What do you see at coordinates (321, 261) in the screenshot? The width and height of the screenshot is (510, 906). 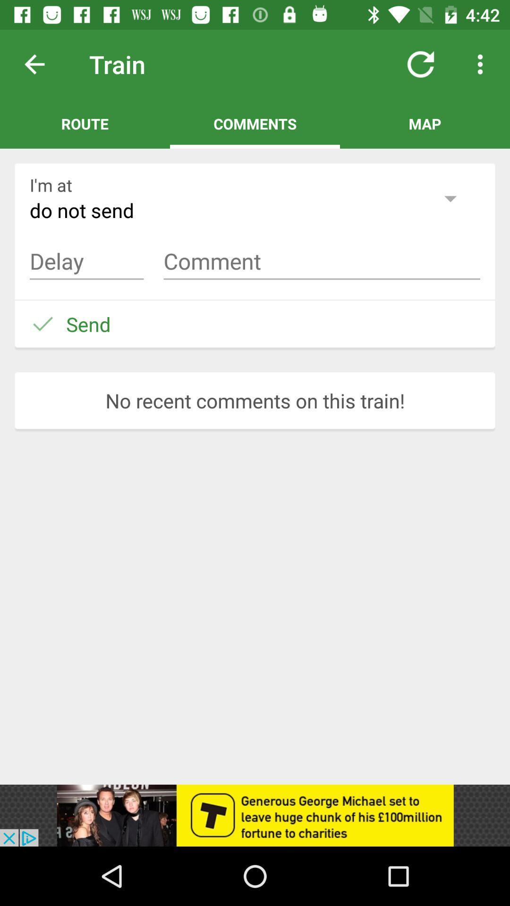 I see `comment` at bounding box center [321, 261].